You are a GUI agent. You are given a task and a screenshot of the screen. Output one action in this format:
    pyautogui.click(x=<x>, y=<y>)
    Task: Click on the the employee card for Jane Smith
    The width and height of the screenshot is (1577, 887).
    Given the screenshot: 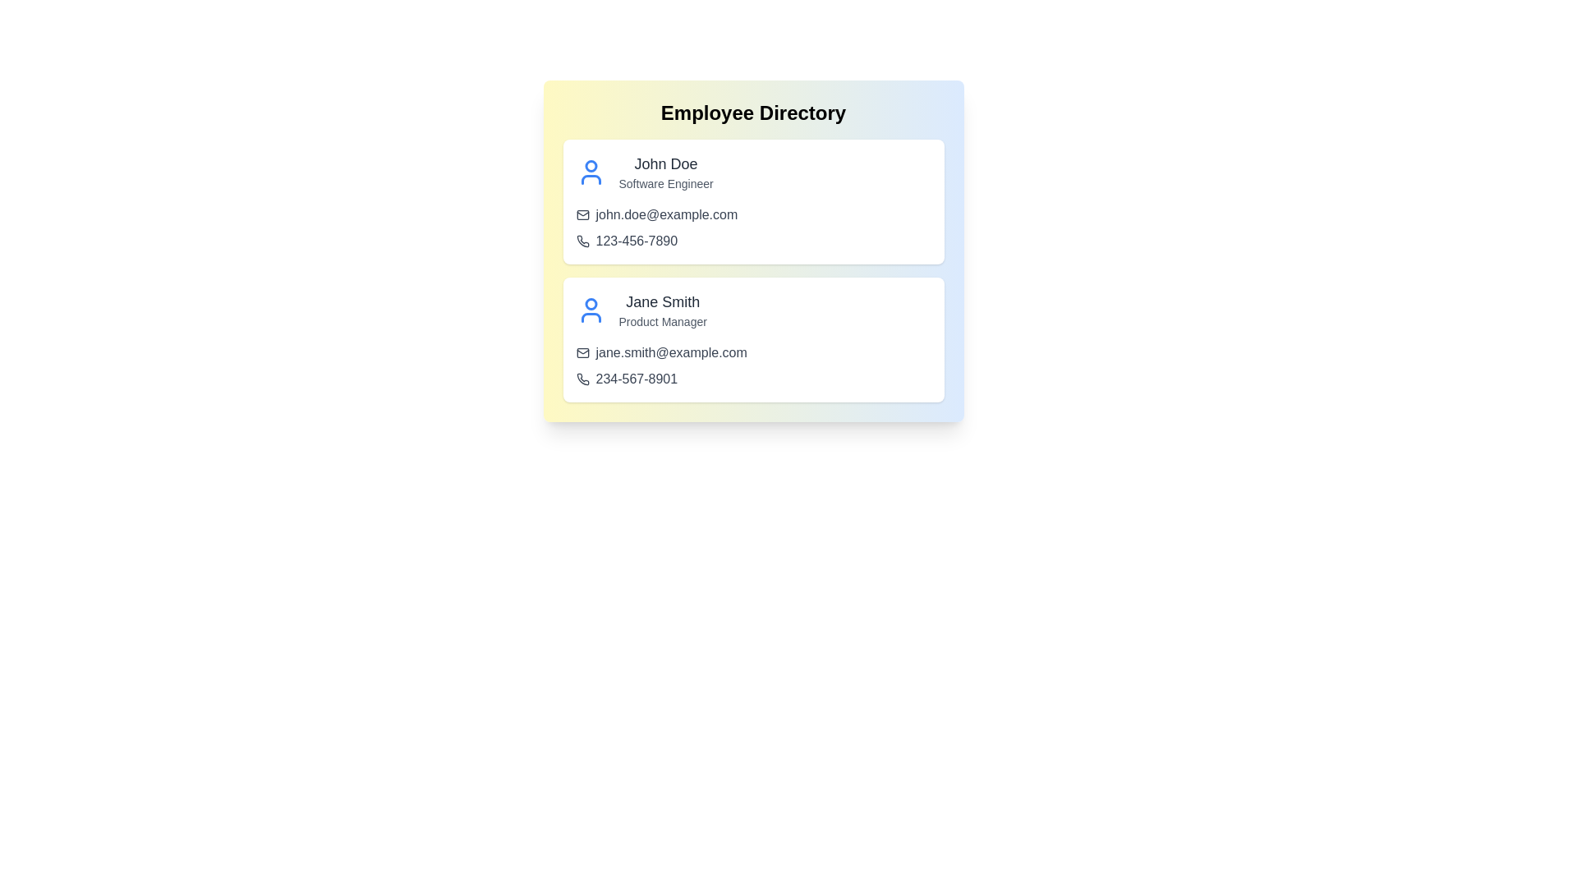 What is the action you would take?
    pyautogui.click(x=752, y=338)
    